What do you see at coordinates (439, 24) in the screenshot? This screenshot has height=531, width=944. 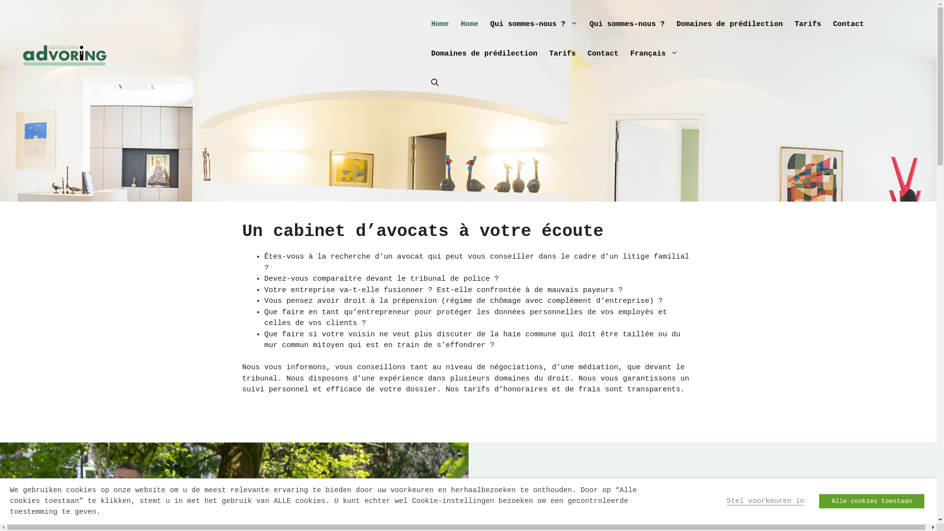 I see `'Home'` at bounding box center [439, 24].